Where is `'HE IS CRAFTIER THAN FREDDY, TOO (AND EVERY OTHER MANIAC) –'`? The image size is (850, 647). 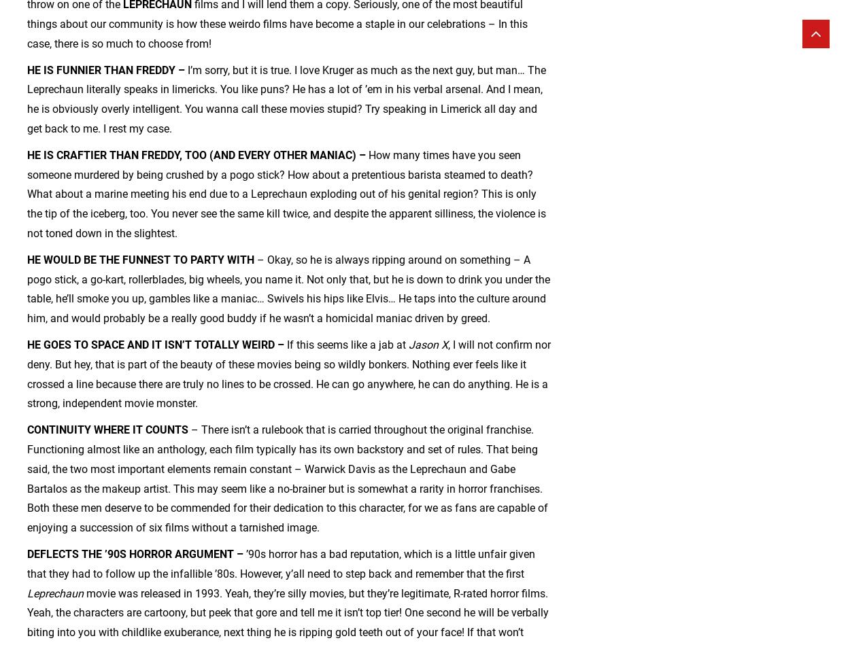
'HE IS CRAFTIER THAN FREDDY, TOO (AND EVERY OTHER MANIAC) –' is located at coordinates (197, 154).